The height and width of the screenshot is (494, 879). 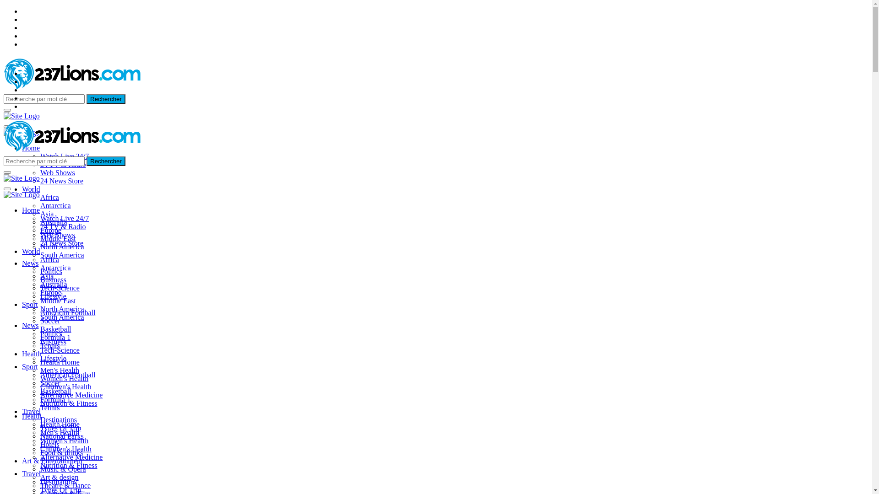 What do you see at coordinates (50, 271) in the screenshot?
I see `'Politics'` at bounding box center [50, 271].